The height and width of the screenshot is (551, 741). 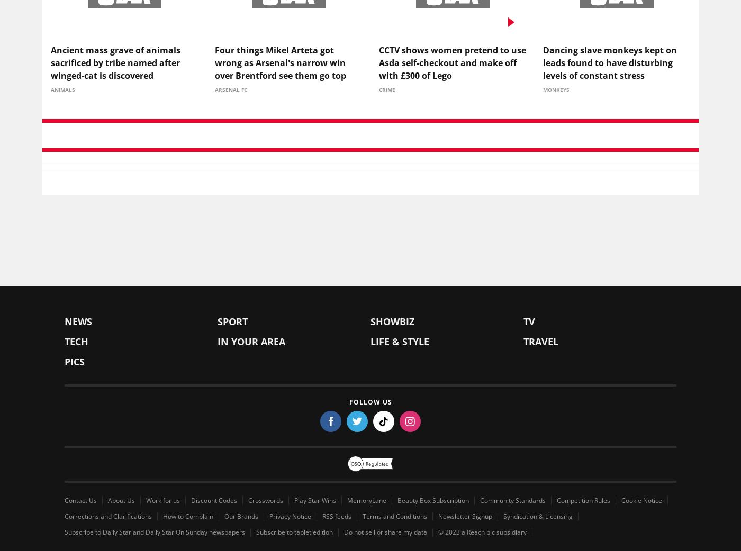 What do you see at coordinates (288, 448) in the screenshot?
I see `'Six chilling 'house rules' for sex workers discovered after cops bust exclusive brothel'` at bounding box center [288, 448].